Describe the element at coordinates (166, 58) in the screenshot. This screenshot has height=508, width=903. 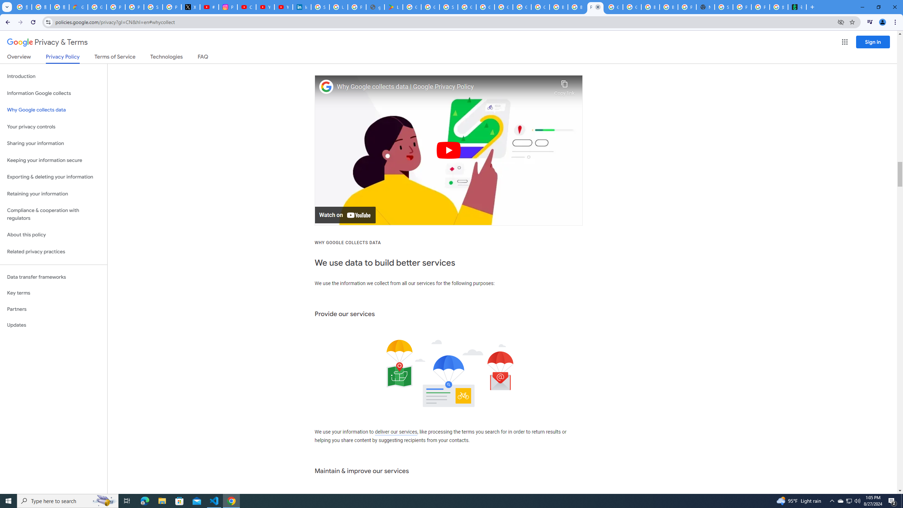
I see `'Technologies'` at that location.